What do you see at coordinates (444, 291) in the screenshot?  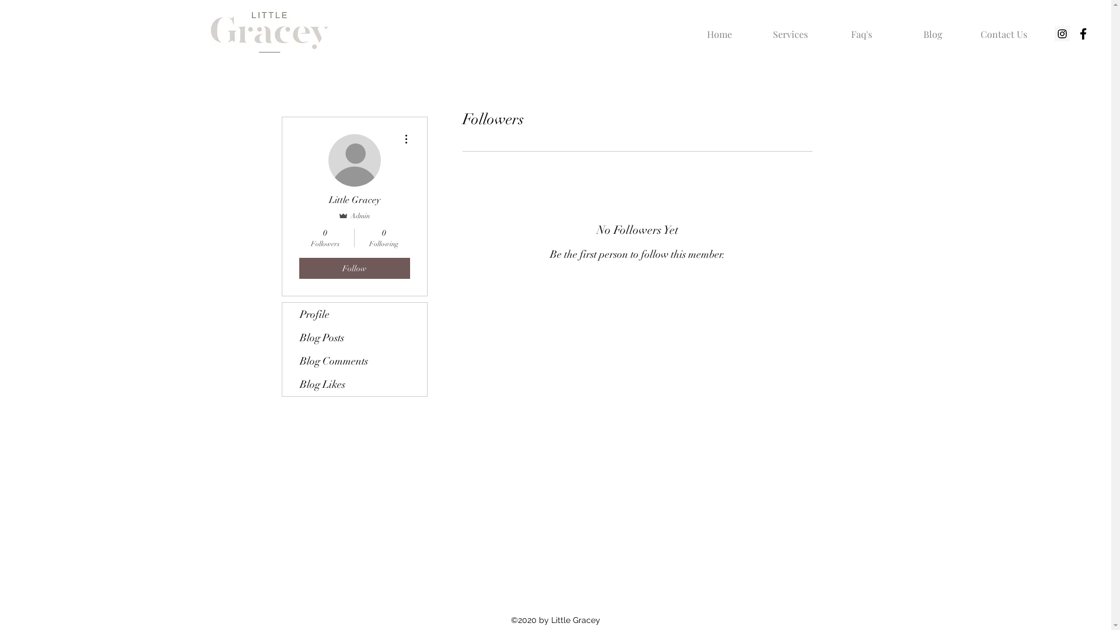 I see `'Followers'` at bounding box center [444, 291].